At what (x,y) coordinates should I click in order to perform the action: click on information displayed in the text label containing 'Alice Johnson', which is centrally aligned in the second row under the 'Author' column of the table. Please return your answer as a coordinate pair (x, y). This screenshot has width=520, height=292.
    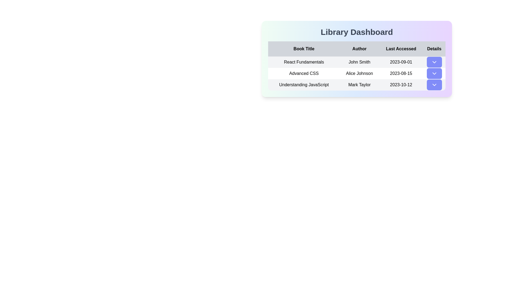
    Looking at the image, I should click on (359, 74).